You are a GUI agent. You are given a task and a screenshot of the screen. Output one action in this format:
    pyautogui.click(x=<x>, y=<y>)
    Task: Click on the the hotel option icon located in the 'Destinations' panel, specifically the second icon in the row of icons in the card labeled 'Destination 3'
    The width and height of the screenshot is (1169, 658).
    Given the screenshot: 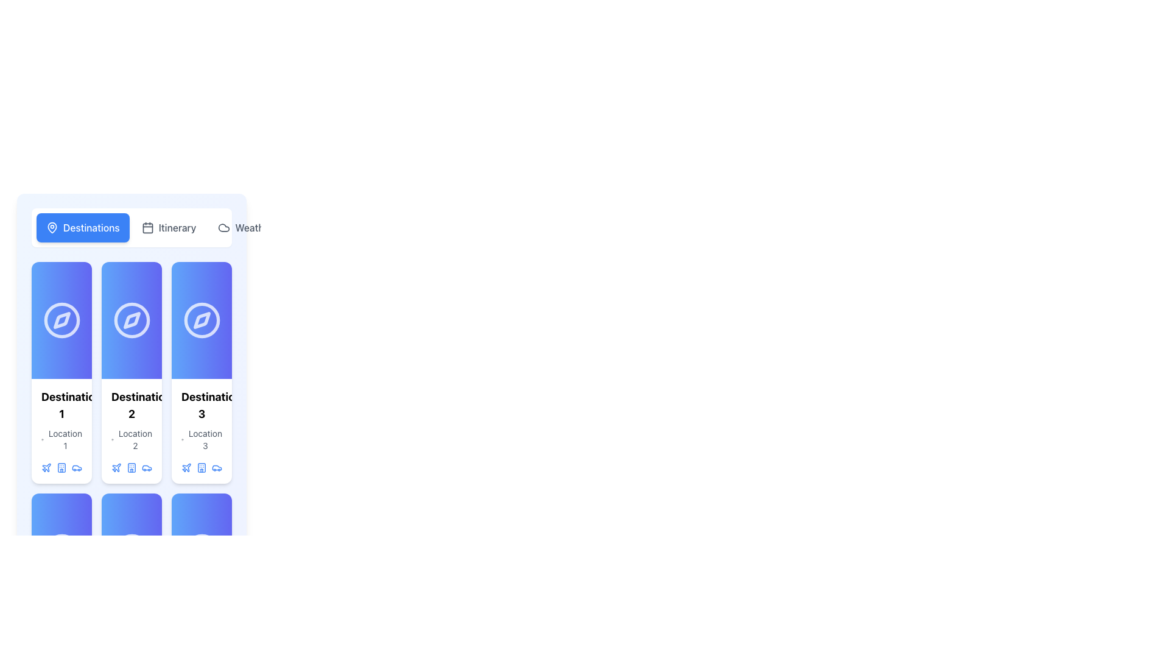 What is the action you would take?
    pyautogui.click(x=202, y=467)
    